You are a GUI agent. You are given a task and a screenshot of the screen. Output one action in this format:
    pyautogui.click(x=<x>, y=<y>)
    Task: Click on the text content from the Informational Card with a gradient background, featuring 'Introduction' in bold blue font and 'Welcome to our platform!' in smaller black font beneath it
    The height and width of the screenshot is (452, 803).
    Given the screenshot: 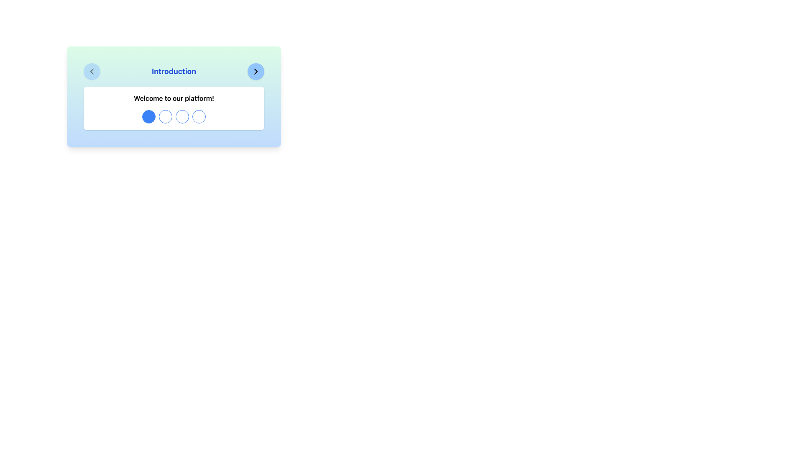 What is the action you would take?
    pyautogui.click(x=174, y=96)
    